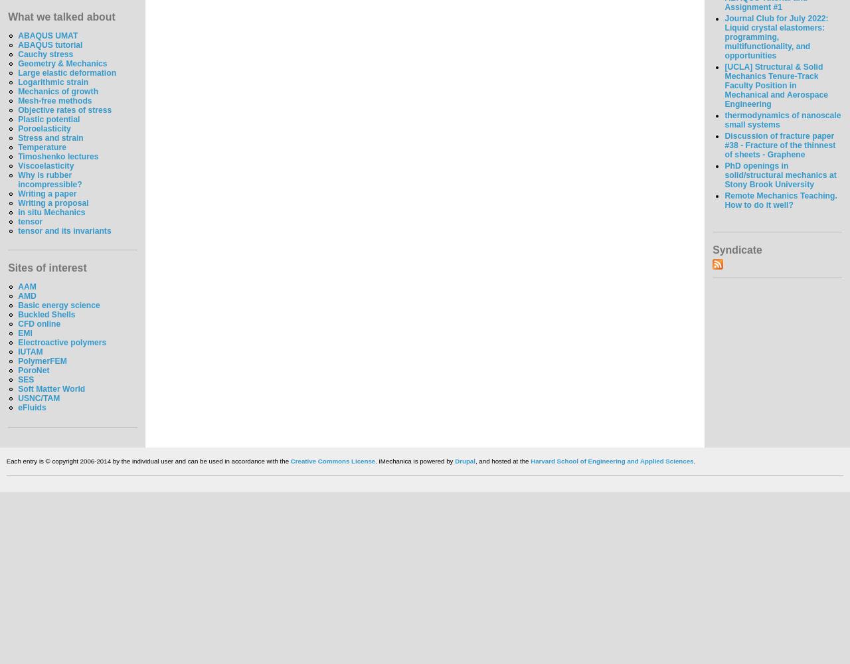  I want to click on 'PolymerFEM', so click(18, 361).